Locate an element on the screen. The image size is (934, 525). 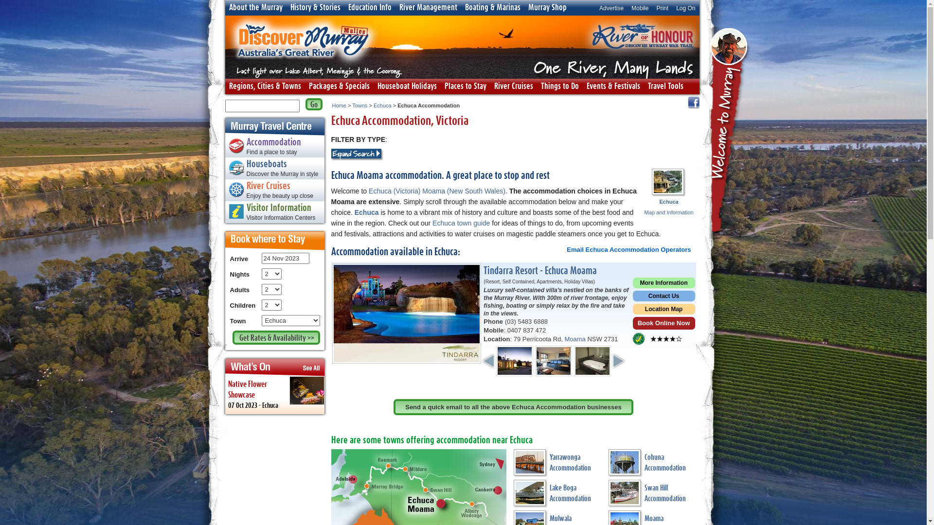
'Moama' is located at coordinates (564, 338).